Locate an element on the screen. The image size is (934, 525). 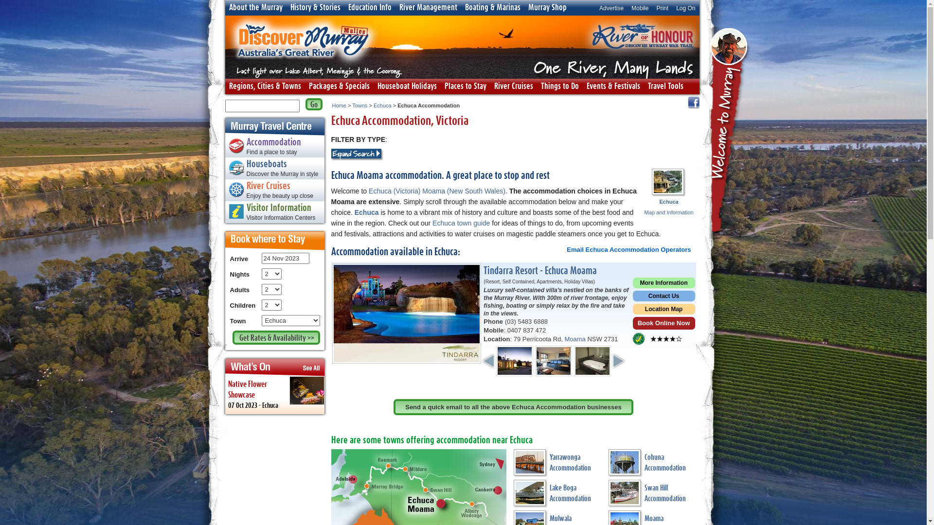
'Moama' is located at coordinates (564, 338).